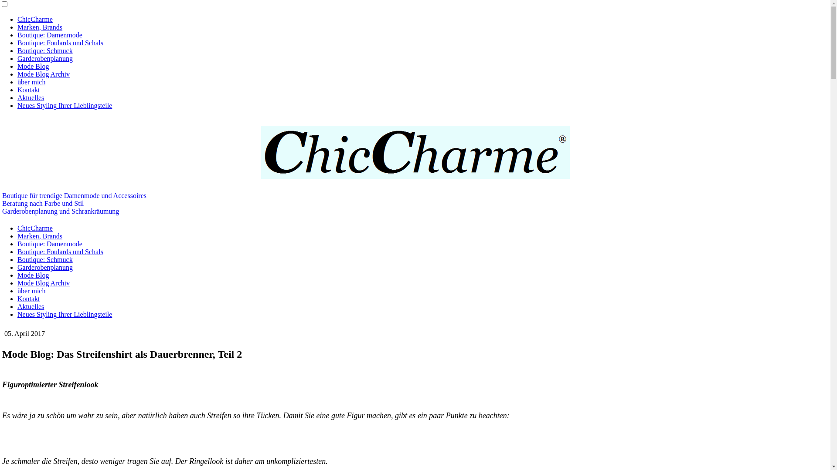 This screenshot has height=470, width=837. I want to click on 'Mode Blog', so click(33, 275).